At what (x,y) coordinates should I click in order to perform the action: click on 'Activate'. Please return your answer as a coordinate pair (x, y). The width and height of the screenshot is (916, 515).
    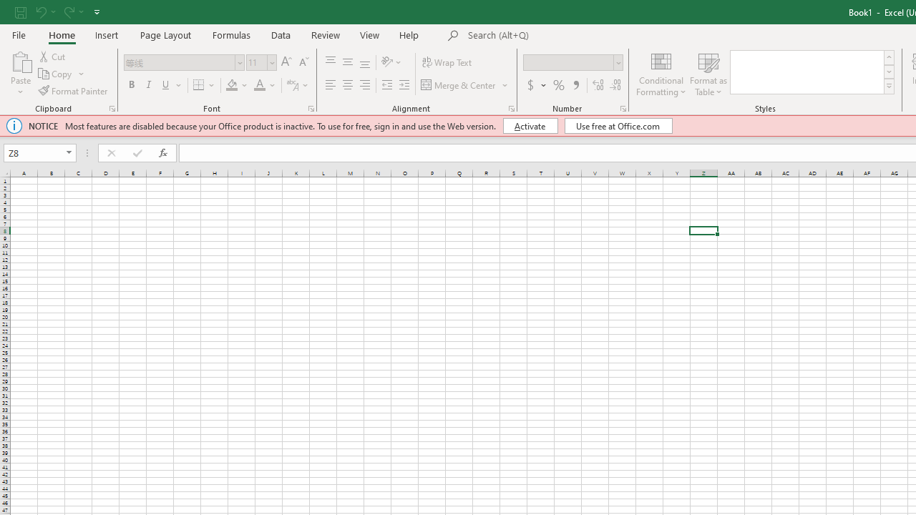
    Looking at the image, I should click on (530, 125).